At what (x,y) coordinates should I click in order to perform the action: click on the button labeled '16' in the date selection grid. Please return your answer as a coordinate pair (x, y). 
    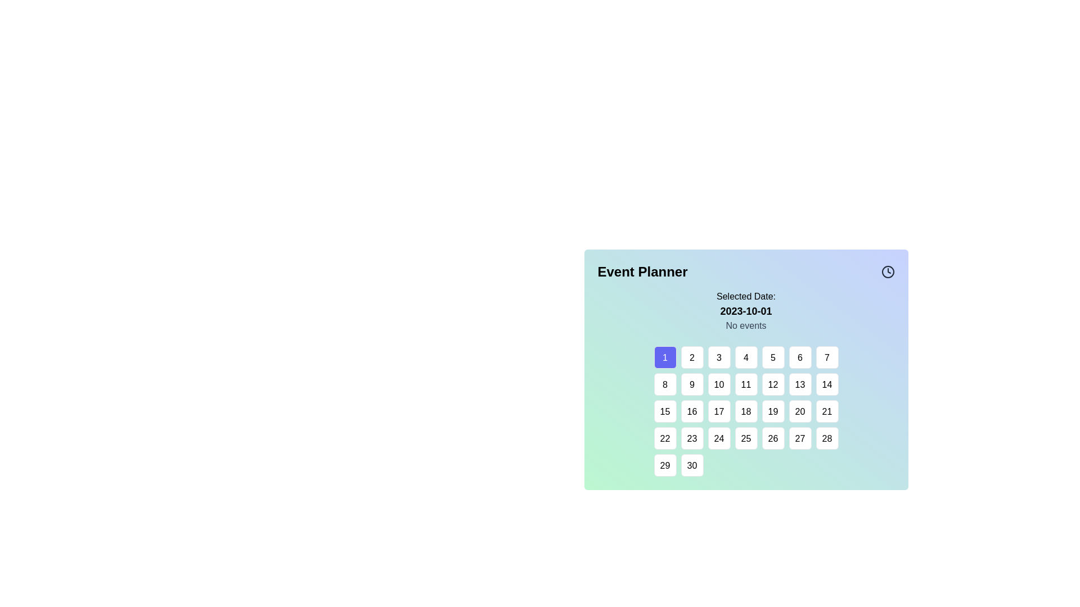
    Looking at the image, I should click on (691, 411).